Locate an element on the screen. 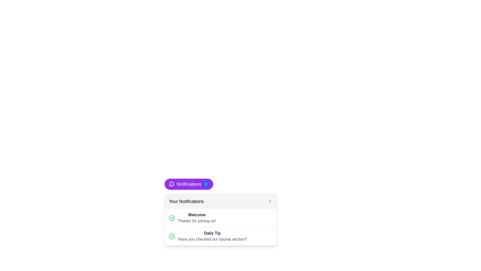 The image size is (481, 271). the first notification entry under 'Your Notifications', which displays a welcoming message is located at coordinates (220, 218).